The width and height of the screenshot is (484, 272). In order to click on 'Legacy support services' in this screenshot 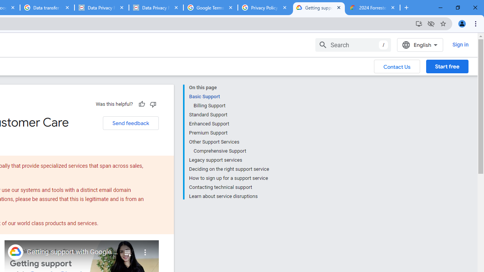, I will do `click(228, 160)`.